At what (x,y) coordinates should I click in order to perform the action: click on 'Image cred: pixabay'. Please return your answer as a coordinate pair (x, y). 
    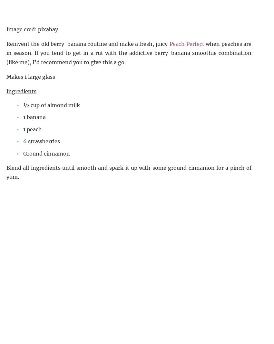
    Looking at the image, I should click on (32, 28).